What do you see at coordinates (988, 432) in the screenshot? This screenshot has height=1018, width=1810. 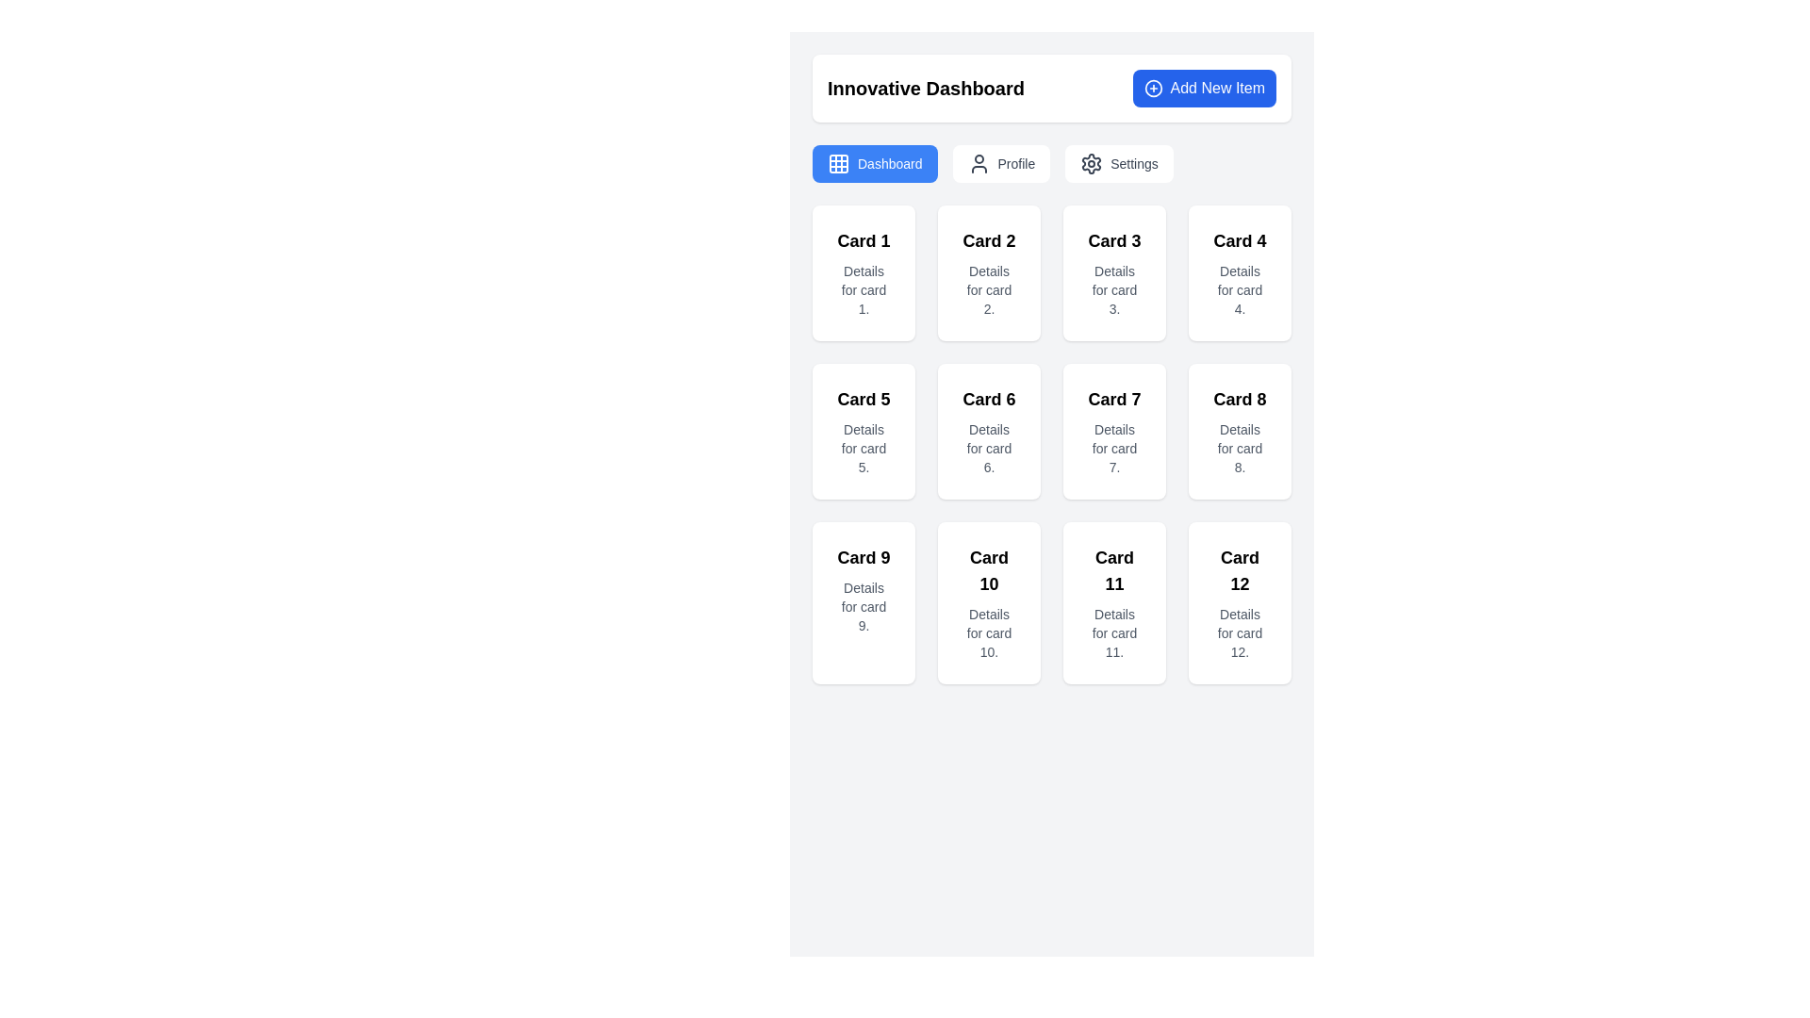 I see `'Card 6' located in the second row and second column of a grid layout, positioned between 'Card 5' and 'Card 7'` at bounding box center [988, 432].